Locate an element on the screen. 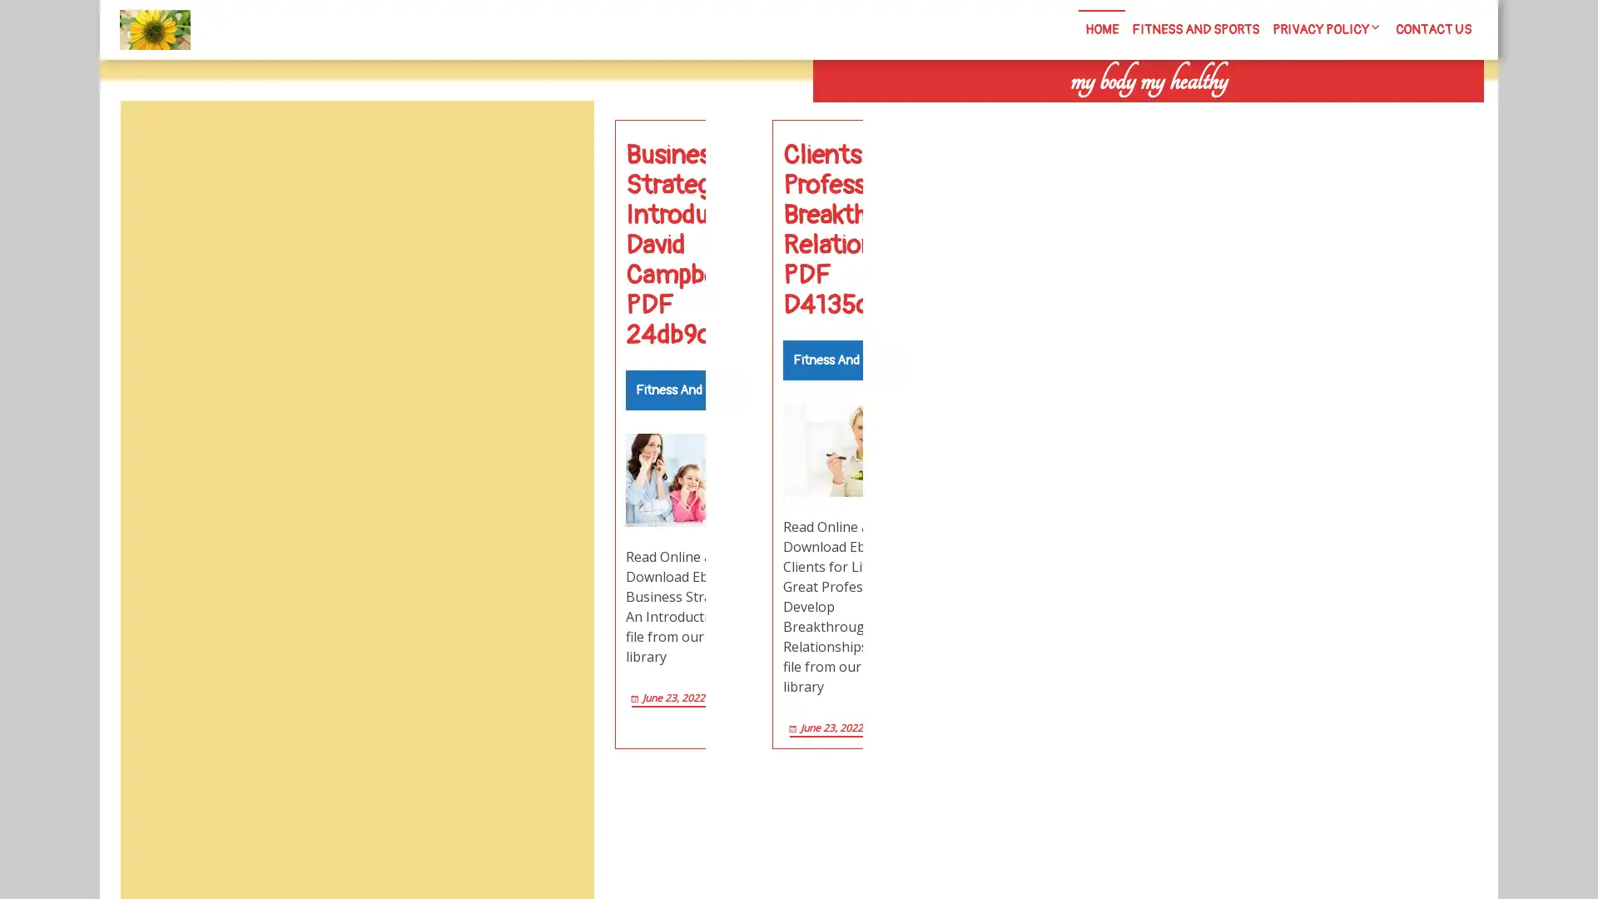 The image size is (1598, 899). Search is located at coordinates (555, 140).